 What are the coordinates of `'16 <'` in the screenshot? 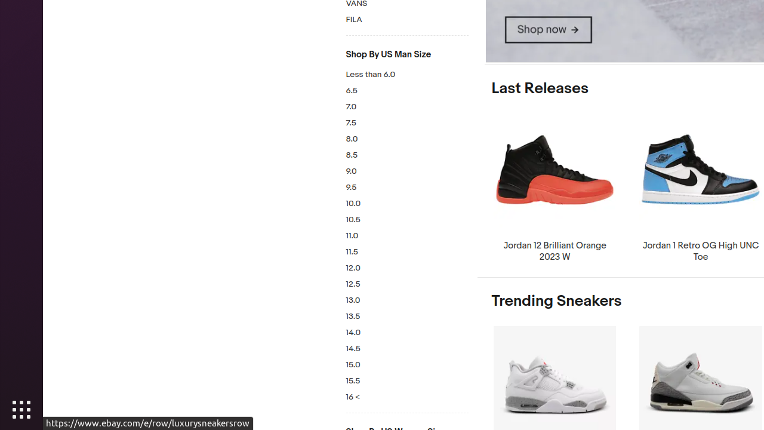 It's located at (406, 397).